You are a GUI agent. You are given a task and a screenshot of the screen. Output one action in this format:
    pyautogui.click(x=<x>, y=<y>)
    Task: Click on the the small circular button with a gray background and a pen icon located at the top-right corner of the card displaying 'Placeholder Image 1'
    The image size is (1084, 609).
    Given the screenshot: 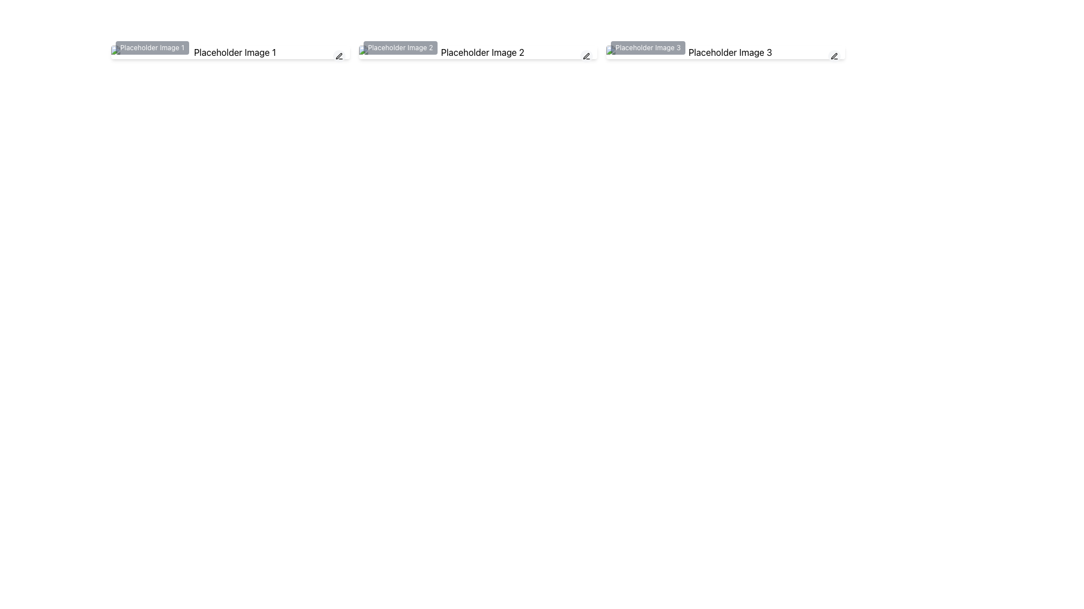 What is the action you would take?
    pyautogui.click(x=338, y=56)
    